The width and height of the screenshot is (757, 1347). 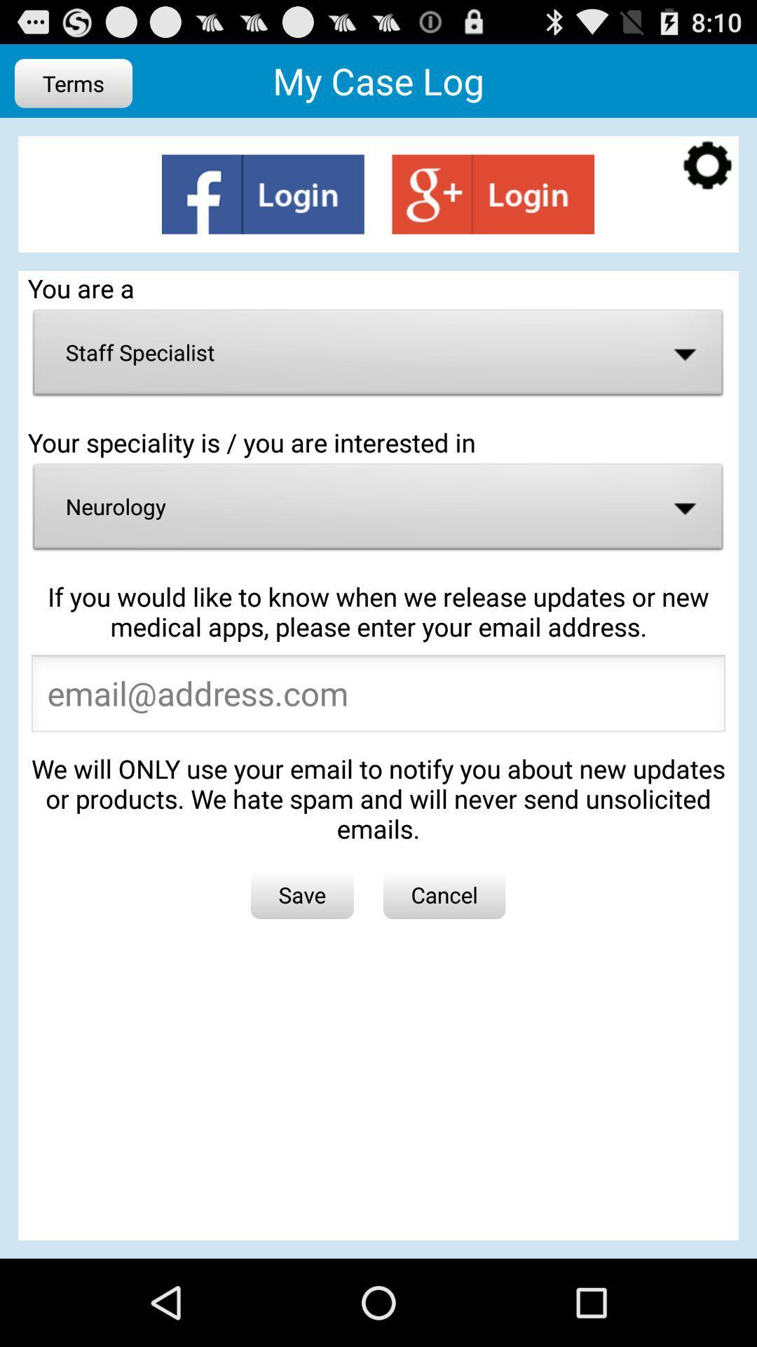 I want to click on login with google plus, so click(x=492, y=194).